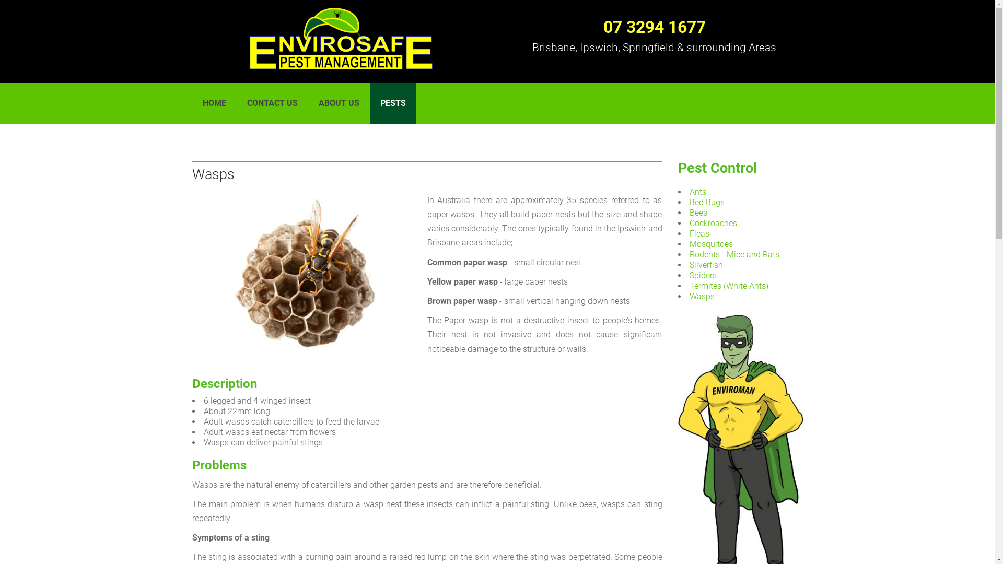 This screenshot has height=564, width=1003. What do you see at coordinates (690, 192) in the screenshot?
I see `'Ants'` at bounding box center [690, 192].